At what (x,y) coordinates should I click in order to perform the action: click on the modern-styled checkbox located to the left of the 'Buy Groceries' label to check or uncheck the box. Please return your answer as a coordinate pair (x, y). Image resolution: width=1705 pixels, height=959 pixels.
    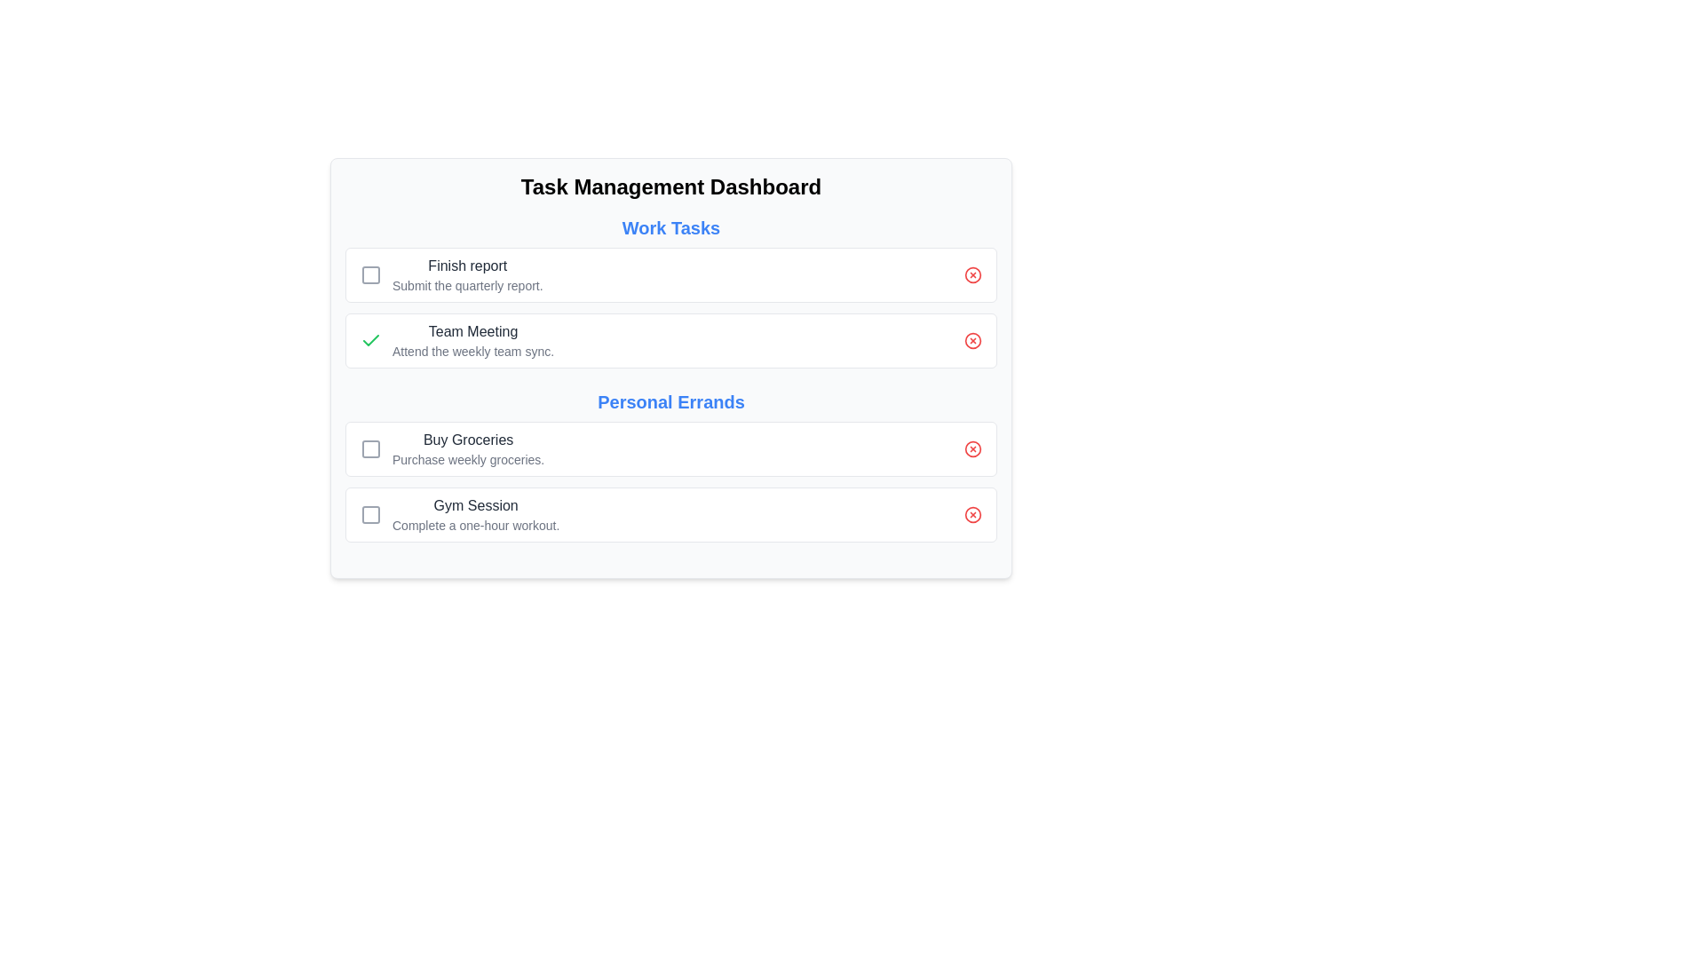
    Looking at the image, I should click on (369, 448).